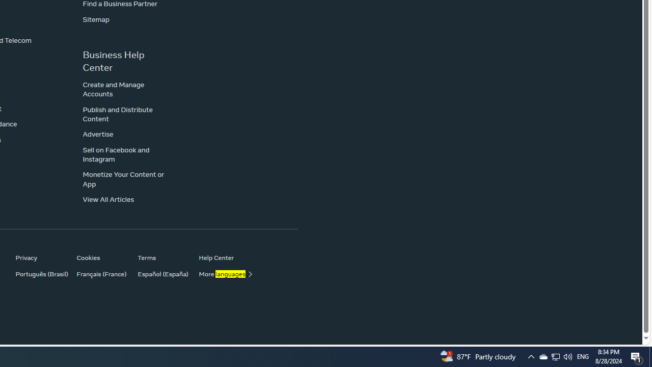 This screenshot has height=367, width=652. I want to click on 'Privacy', so click(41, 257).